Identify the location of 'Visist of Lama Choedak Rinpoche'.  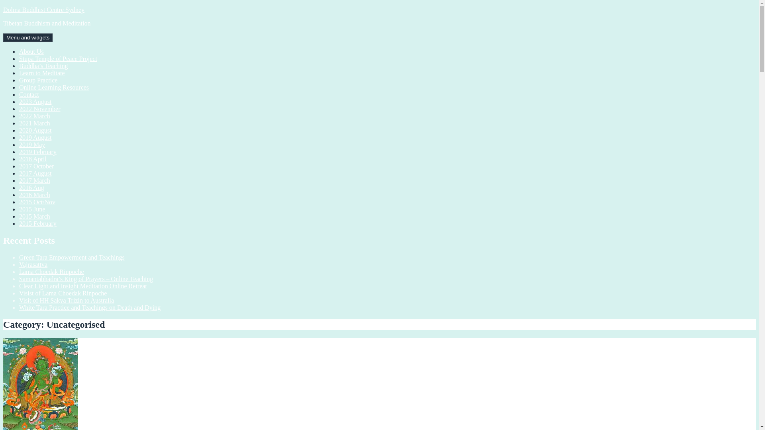
(63, 293).